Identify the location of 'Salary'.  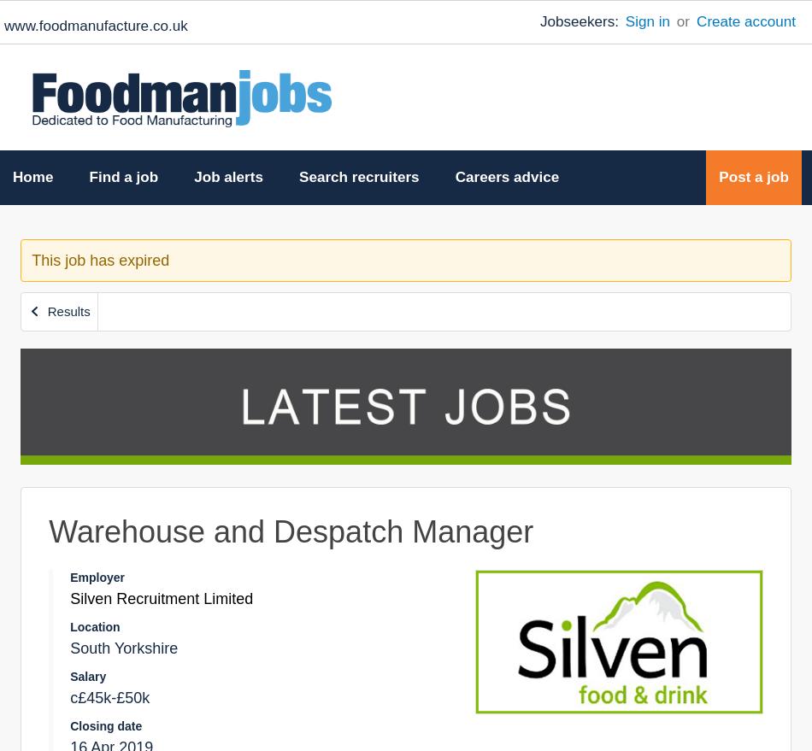
(87, 676).